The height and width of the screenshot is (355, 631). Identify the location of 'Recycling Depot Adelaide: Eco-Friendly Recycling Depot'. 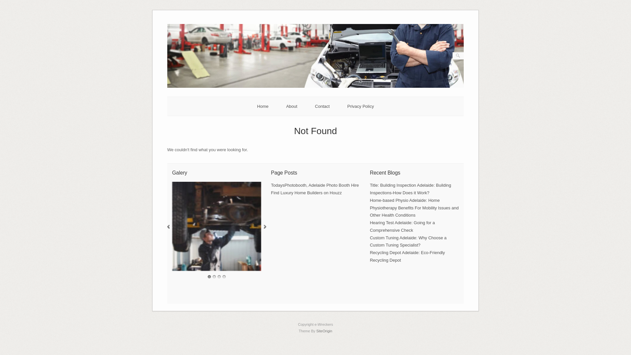
(407, 256).